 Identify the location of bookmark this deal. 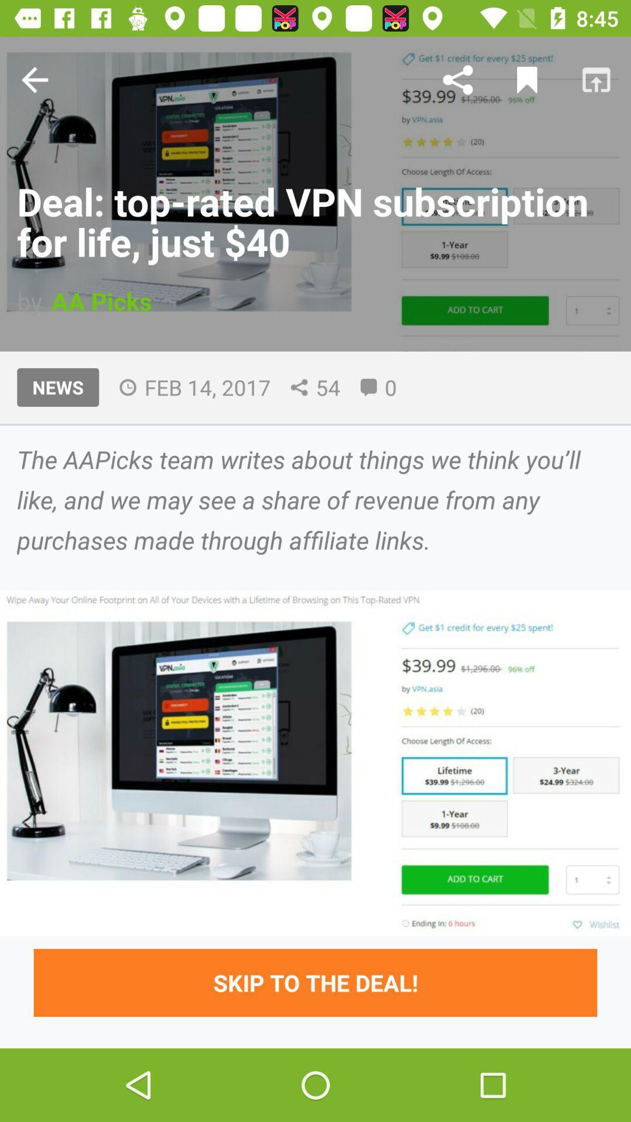
(527, 79).